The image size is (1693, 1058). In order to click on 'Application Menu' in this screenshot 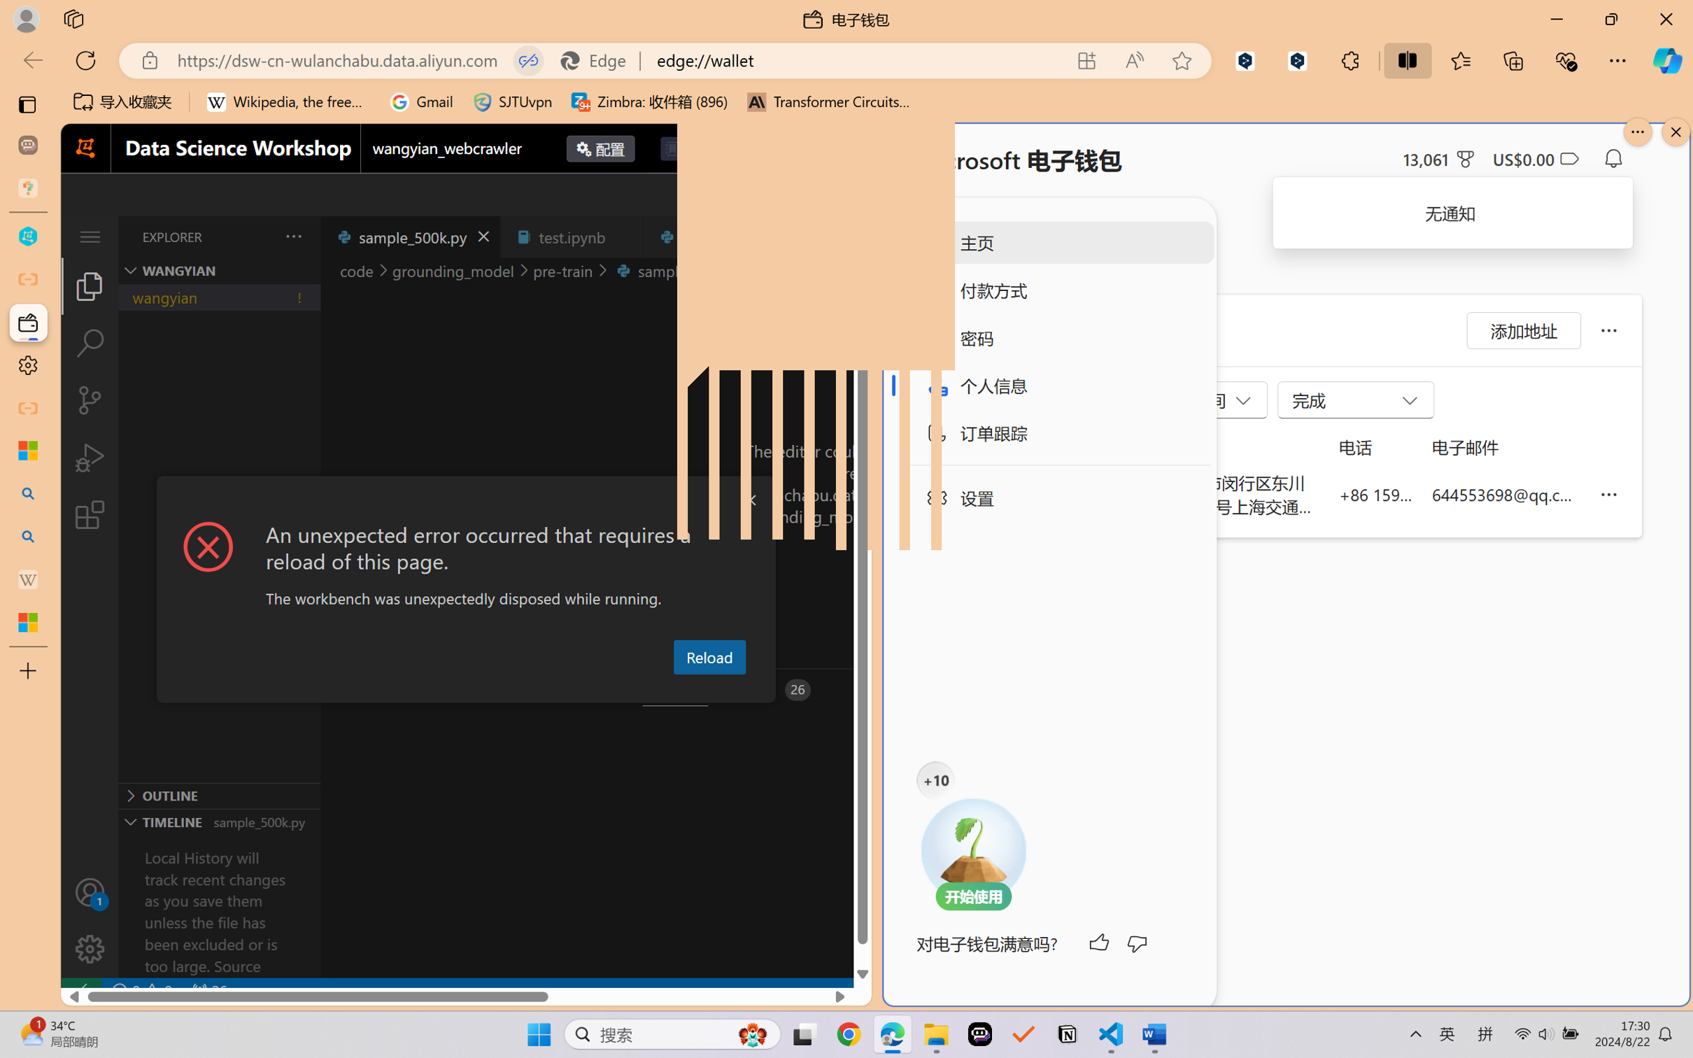, I will do `click(89, 236)`.